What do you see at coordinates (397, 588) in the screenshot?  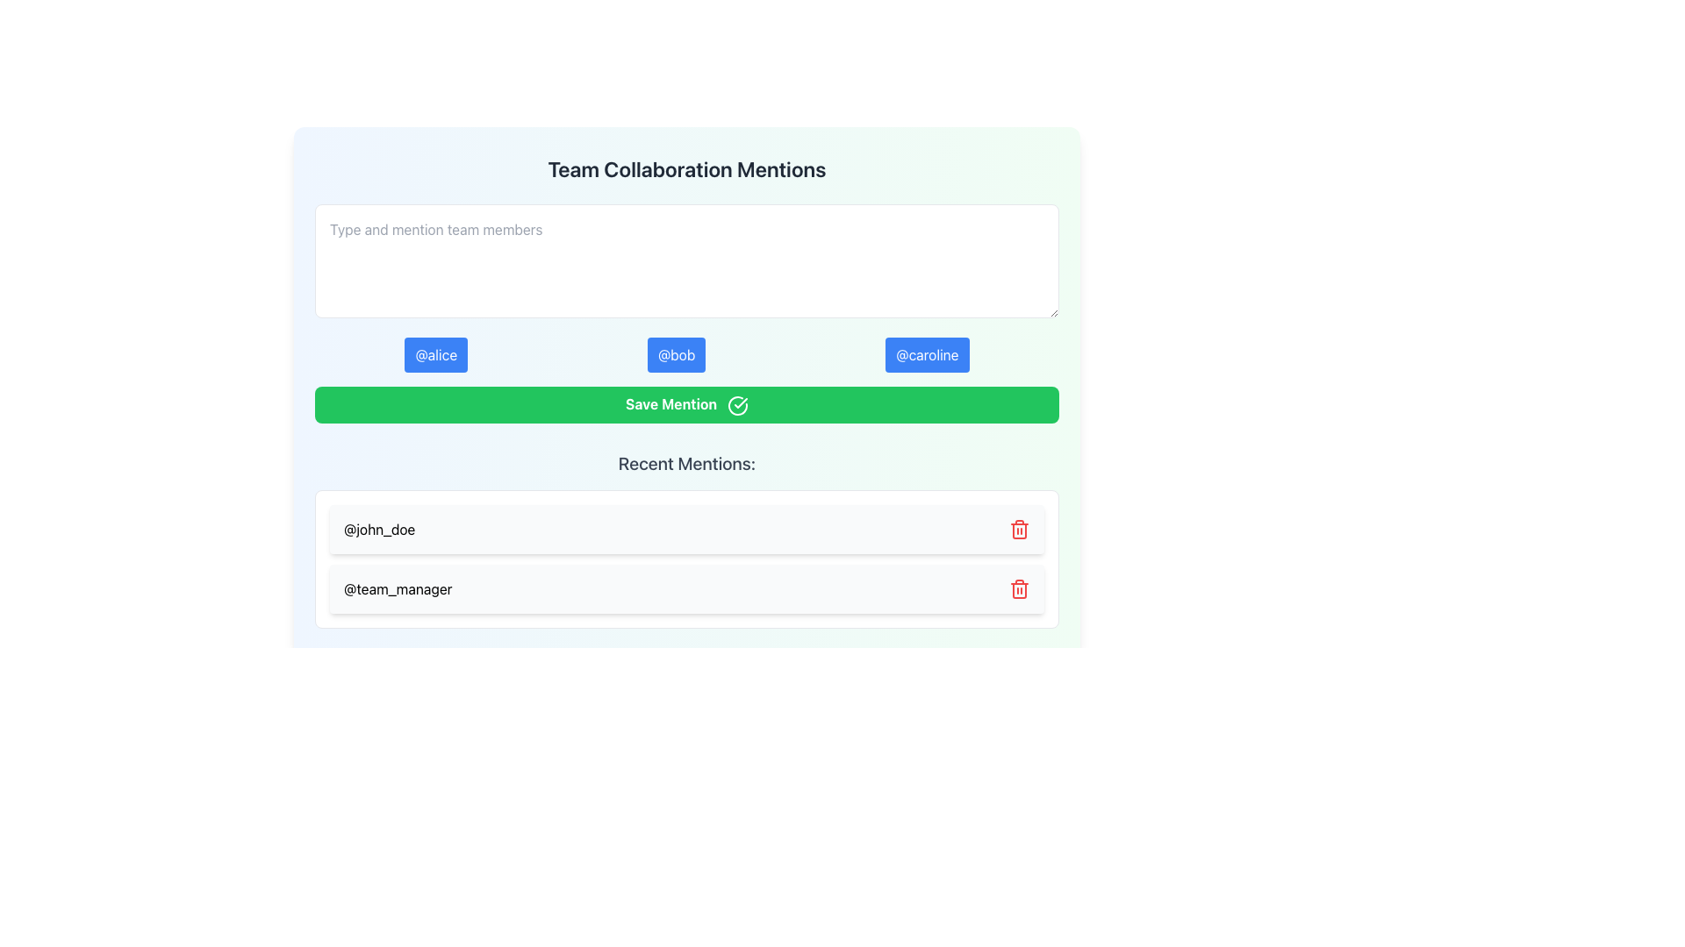 I see `the Static Text Label displaying the username '@team_manager' in the 'Recent Mentions' section` at bounding box center [397, 588].